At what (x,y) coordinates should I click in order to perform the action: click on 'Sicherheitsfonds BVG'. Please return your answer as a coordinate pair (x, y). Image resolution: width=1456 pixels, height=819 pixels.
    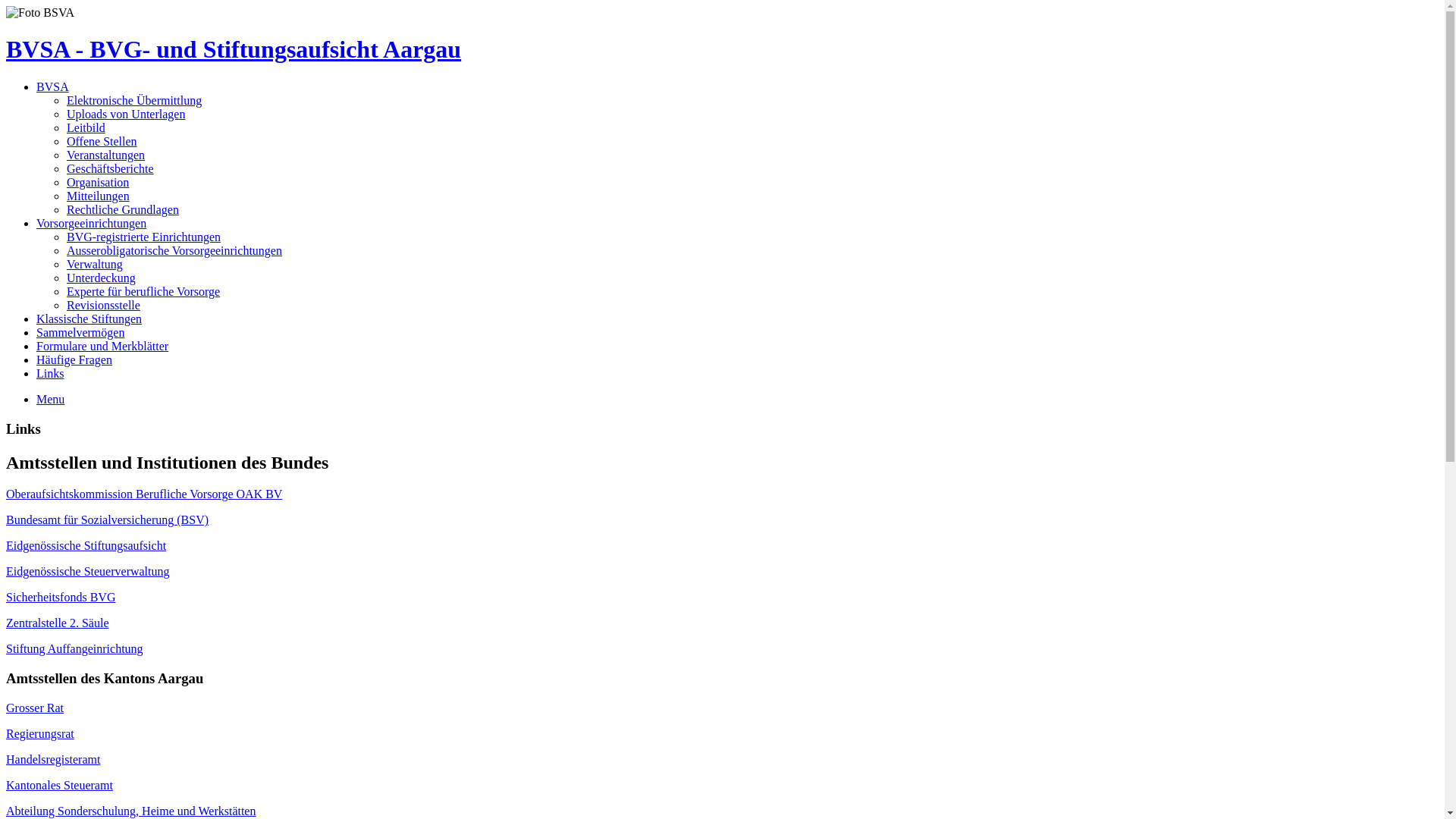
    Looking at the image, I should click on (6, 596).